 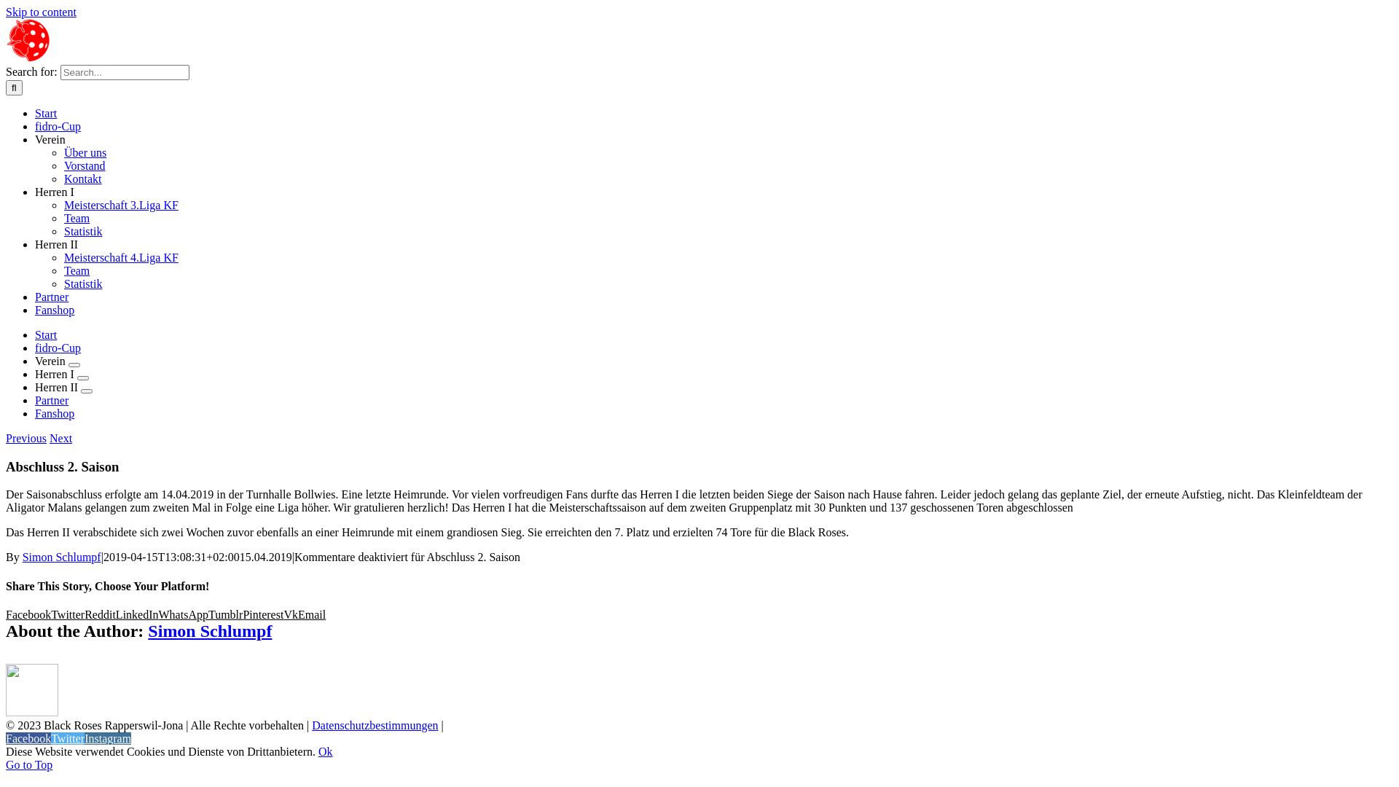 What do you see at coordinates (6, 738) in the screenshot?
I see `'Facebook'` at bounding box center [6, 738].